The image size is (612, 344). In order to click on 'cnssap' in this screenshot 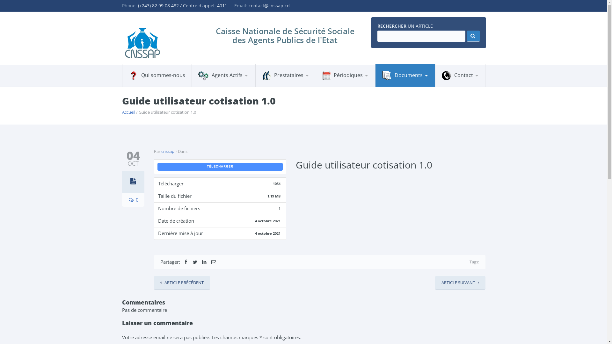, I will do `click(168, 151)`.